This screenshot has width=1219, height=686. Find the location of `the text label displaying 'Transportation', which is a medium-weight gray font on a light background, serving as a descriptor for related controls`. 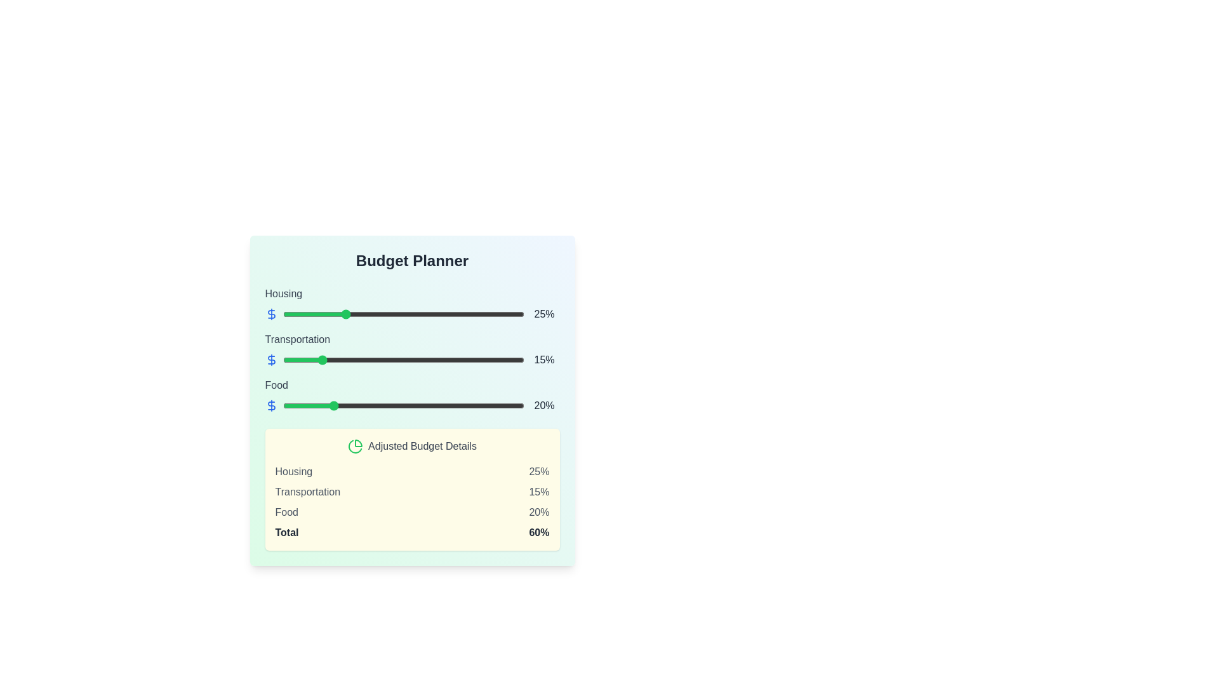

the text label displaying 'Transportation', which is a medium-weight gray font on a light background, serving as a descriptor for related controls is located at coordinates (296, 339).